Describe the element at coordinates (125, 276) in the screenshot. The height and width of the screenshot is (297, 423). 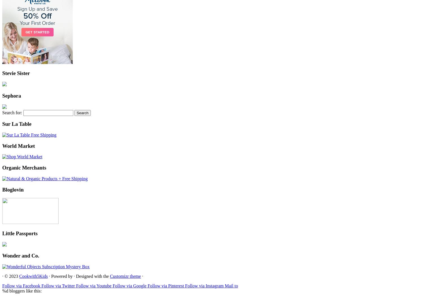
I see `'Customizr theme'` at that location.